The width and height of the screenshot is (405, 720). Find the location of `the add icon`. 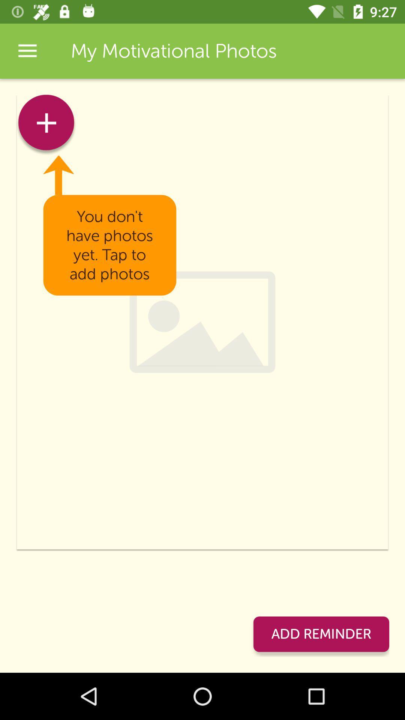

the add icon is located at coordinates (46, 125).